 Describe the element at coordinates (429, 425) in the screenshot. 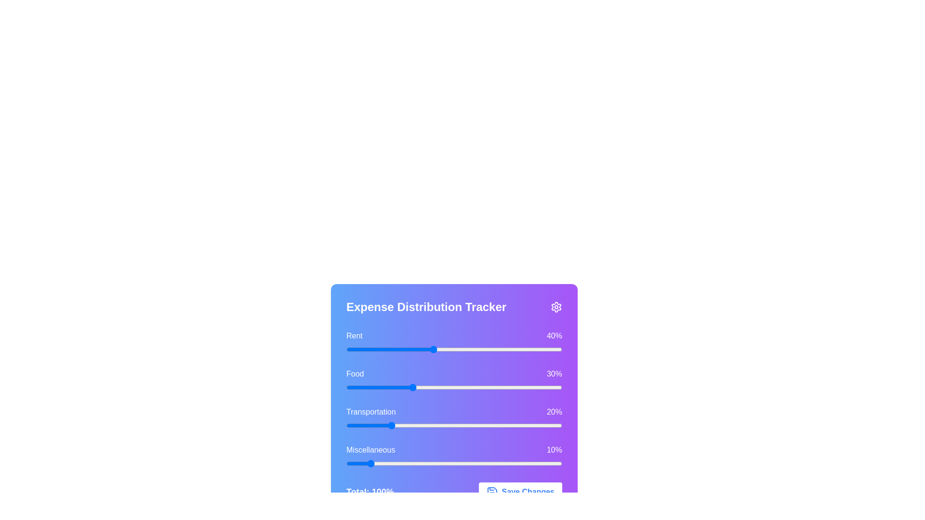

I see `the 'Transportation' slider` at that location.